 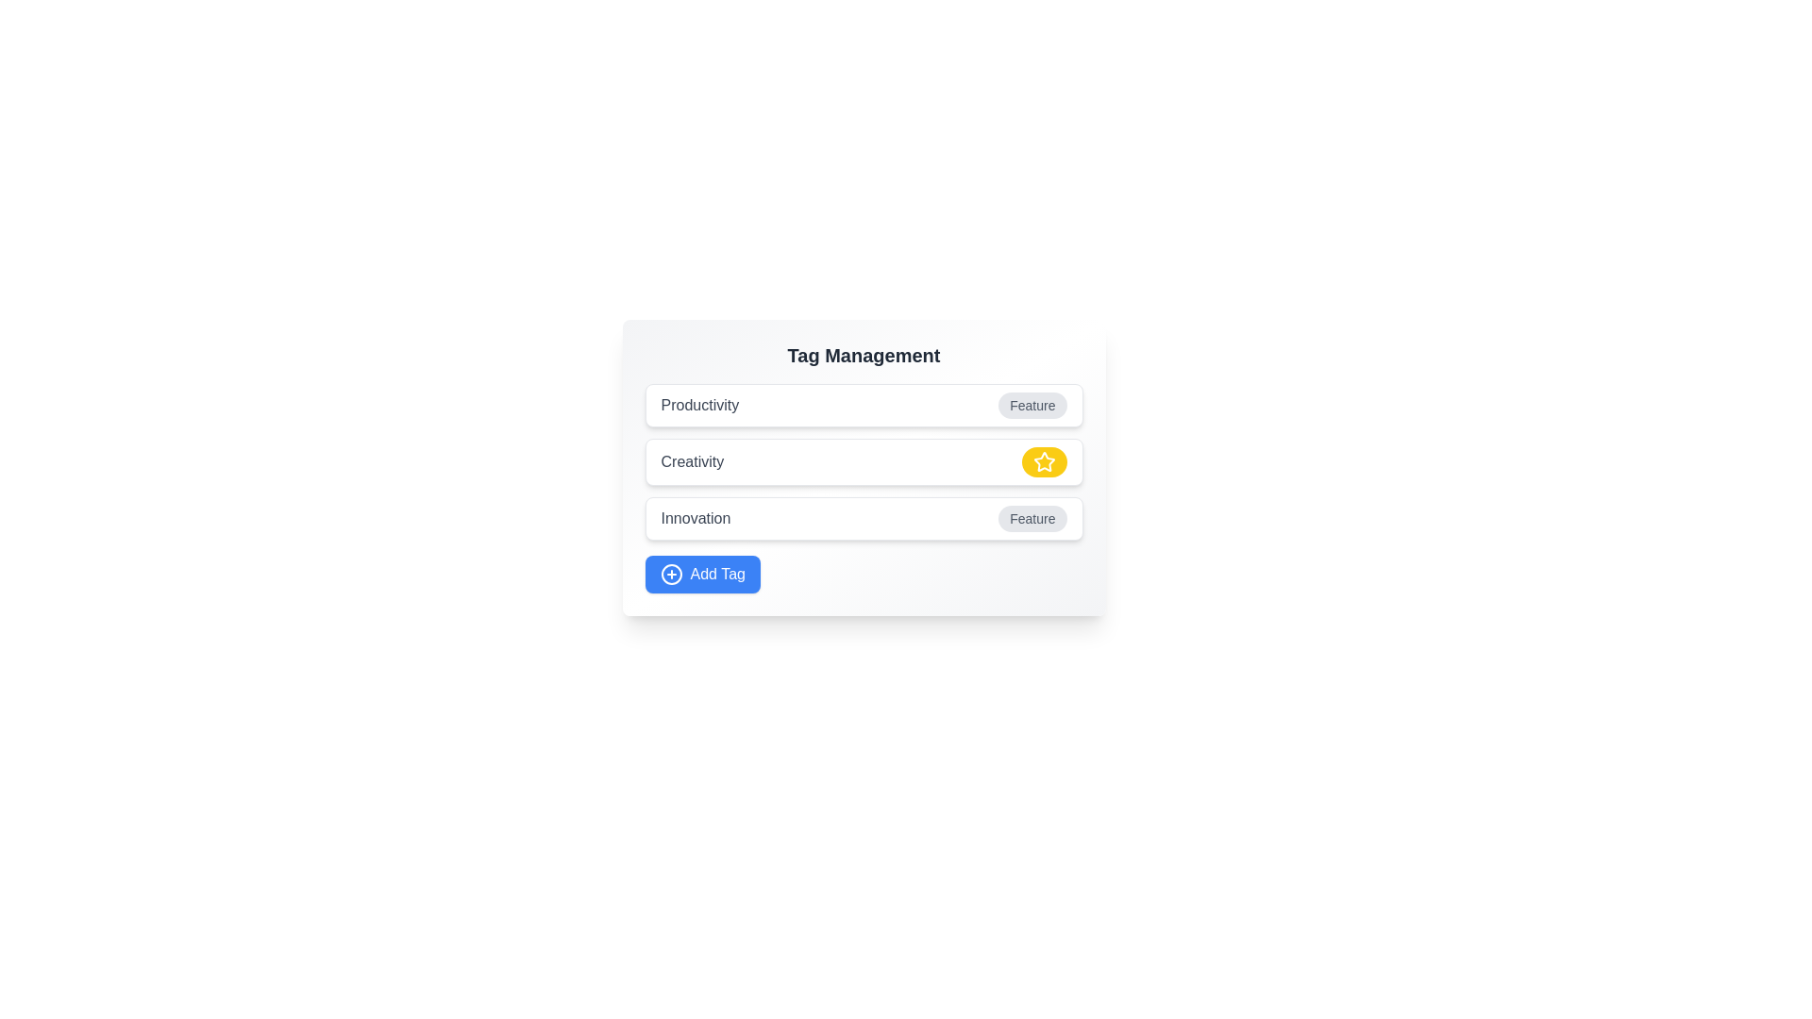 I want to click on the 'Add Tag' button to add a new tag, so click(x=701, y=574).